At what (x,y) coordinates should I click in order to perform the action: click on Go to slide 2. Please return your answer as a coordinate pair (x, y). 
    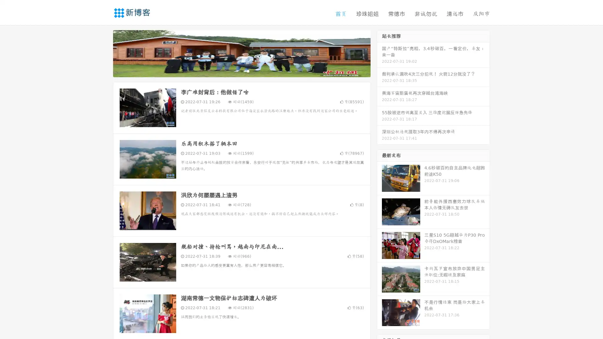
    Looking at the image, I should click on (241, 71).